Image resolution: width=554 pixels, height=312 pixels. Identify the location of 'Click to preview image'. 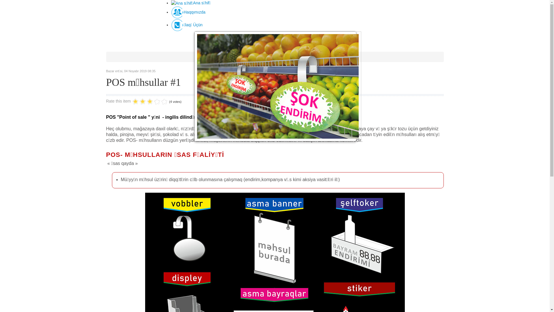
(275, 86).